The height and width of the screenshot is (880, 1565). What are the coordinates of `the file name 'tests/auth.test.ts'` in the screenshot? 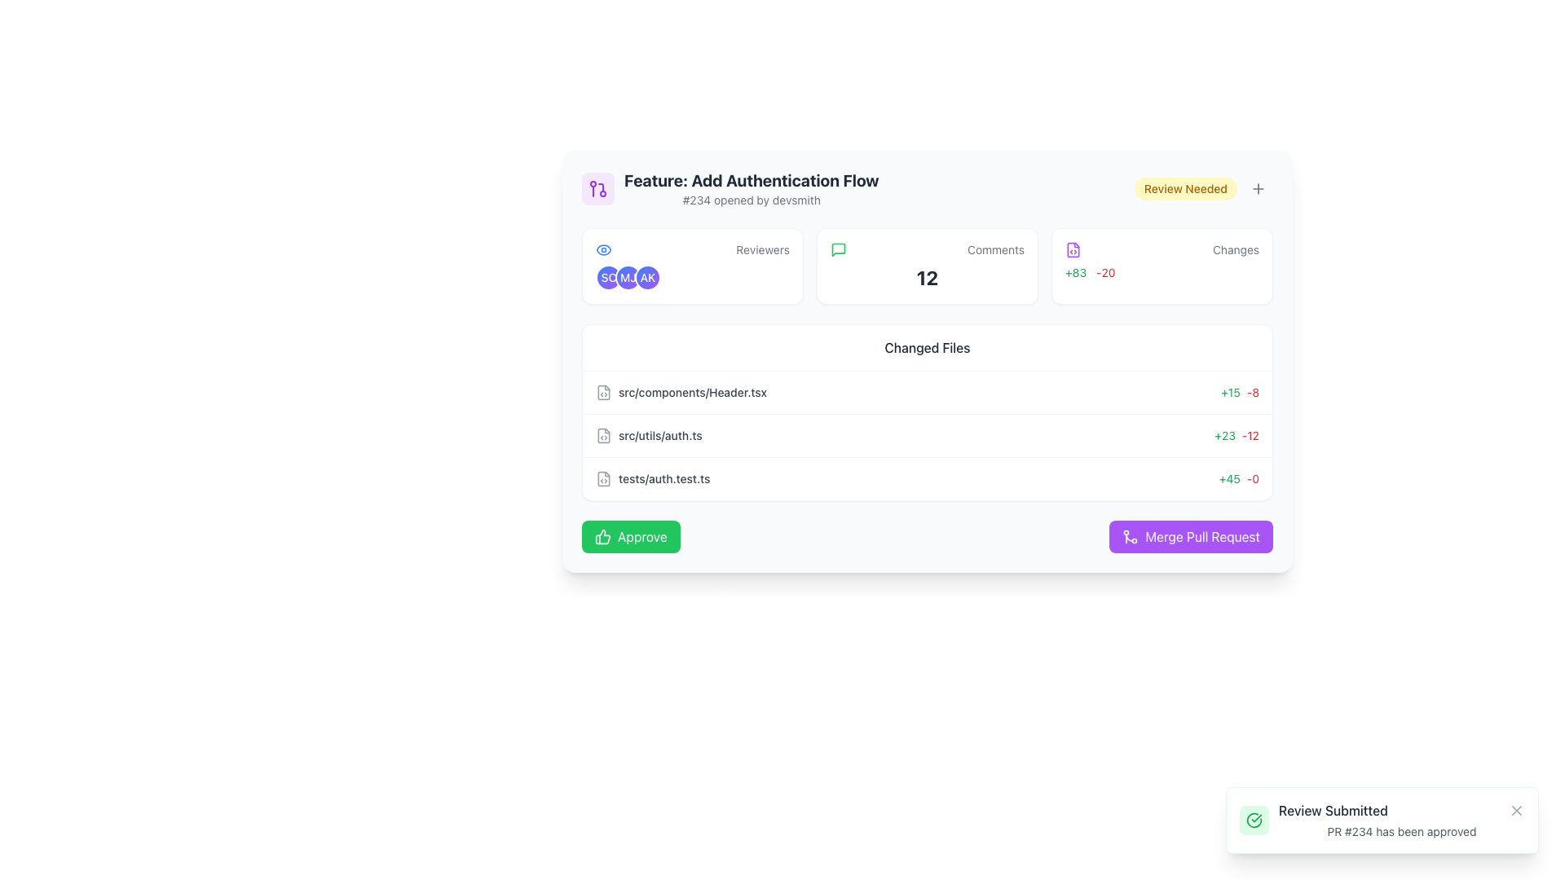 It's located at (653, 477).